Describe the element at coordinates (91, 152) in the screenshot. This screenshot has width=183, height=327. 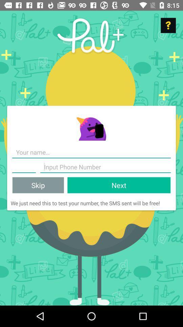
I see `input name` at that location.